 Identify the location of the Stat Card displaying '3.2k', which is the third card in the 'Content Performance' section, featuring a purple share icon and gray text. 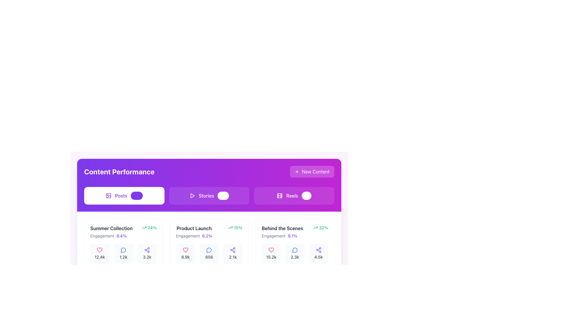
(147, 253).